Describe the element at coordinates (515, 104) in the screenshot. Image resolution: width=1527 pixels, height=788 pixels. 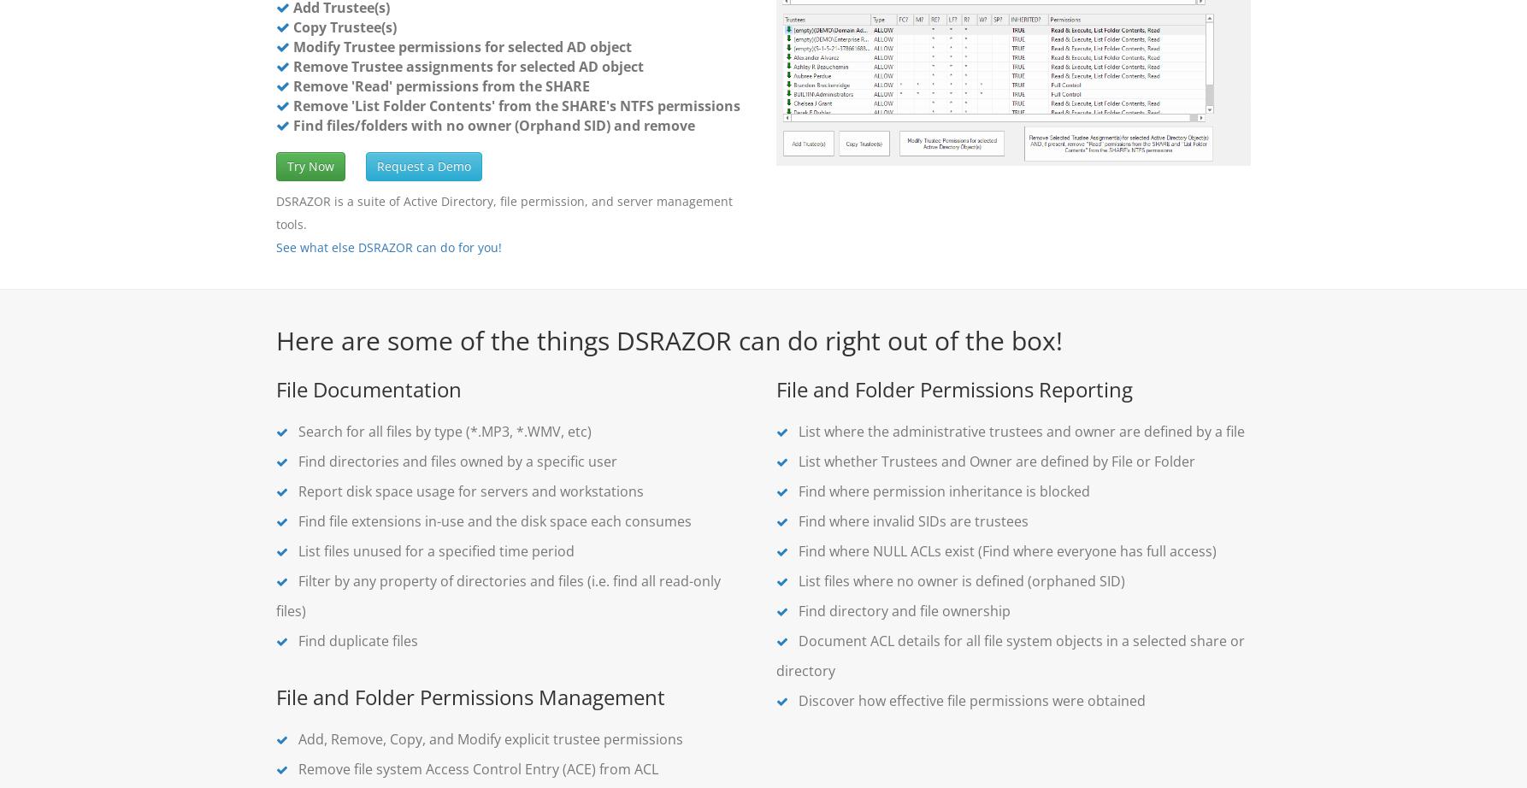
I see `'Remove 'List Folder Contents' from the SHARE's NTFS permissions'` at that location.